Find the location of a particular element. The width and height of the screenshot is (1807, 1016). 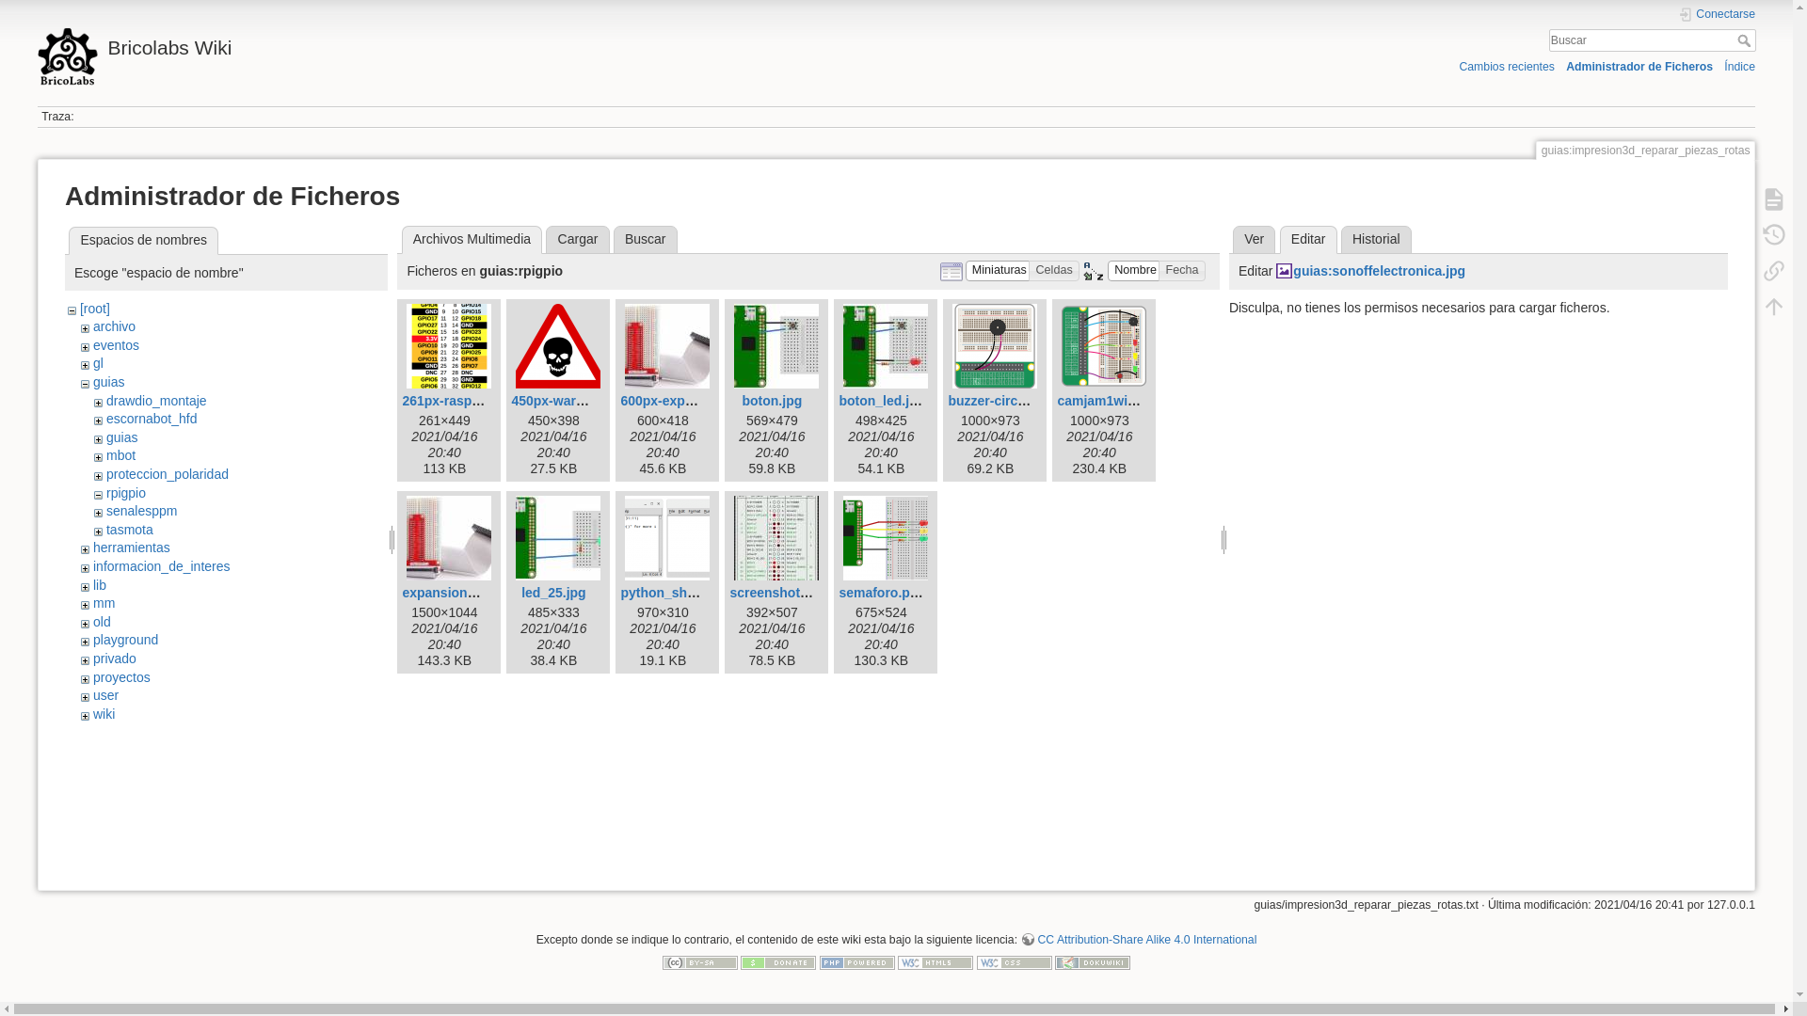

'261px-raspipinout.png' is located at coordinates (472, 399).